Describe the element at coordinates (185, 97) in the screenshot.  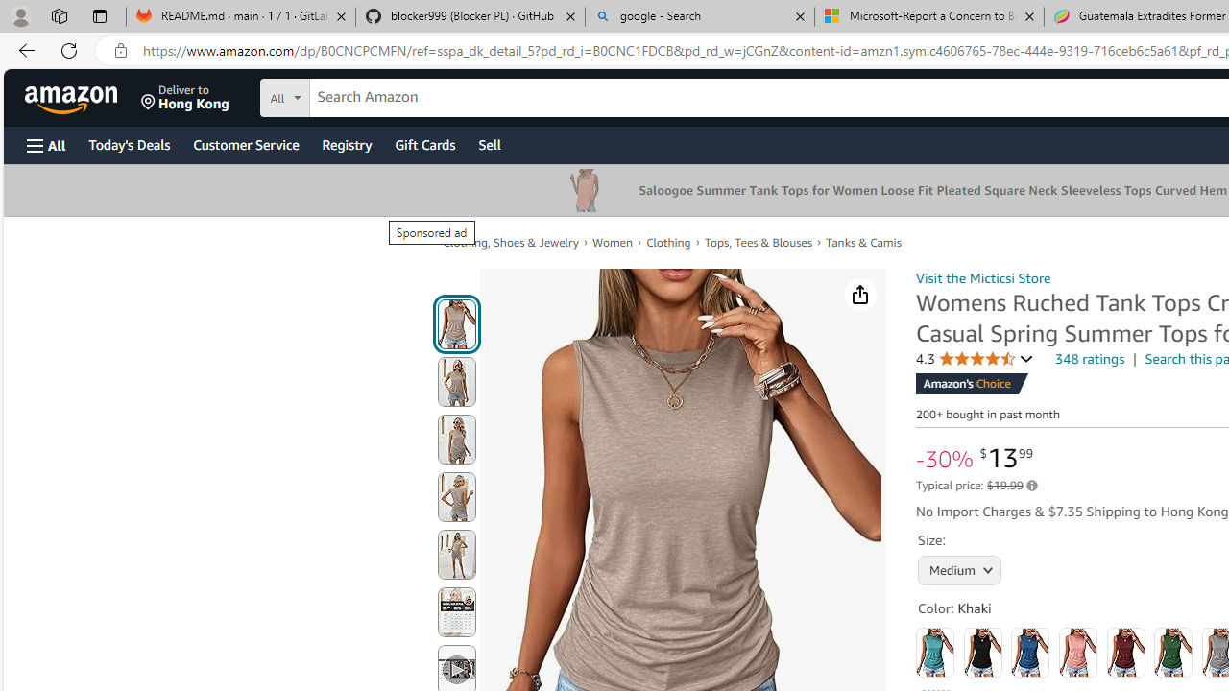
I see `'Deliver to Hong Kong'` at that location.